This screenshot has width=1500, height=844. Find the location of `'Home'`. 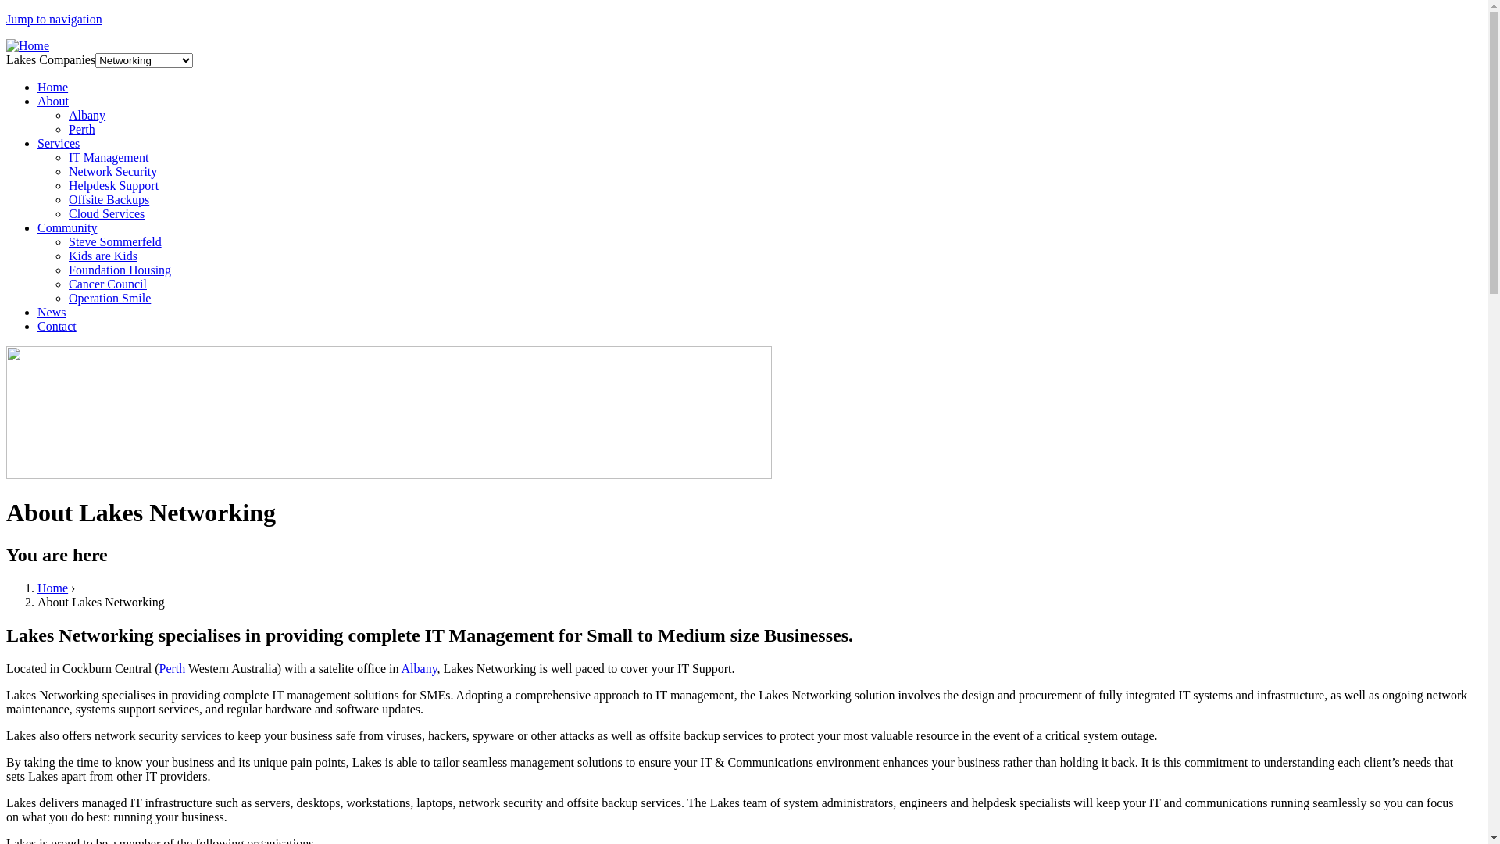

'Home' is located at coordinates (27, 45).